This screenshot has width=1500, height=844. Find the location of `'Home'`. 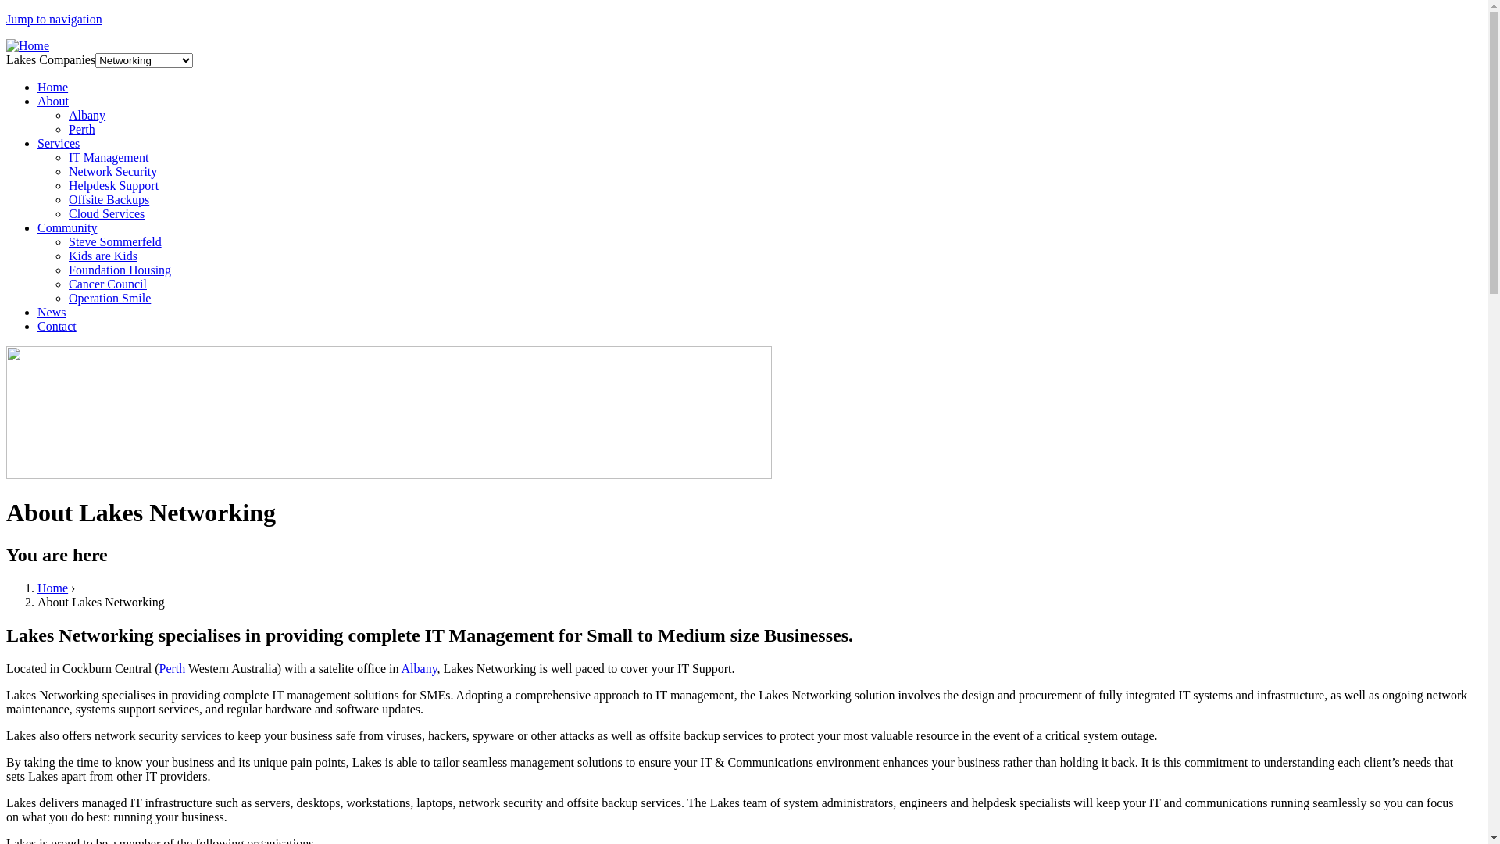

'Home' is located at coordinates (27, 45).